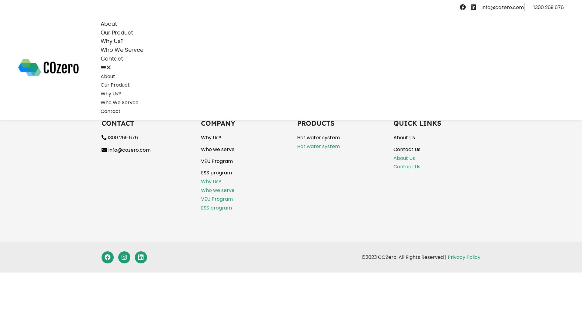  I want to click on 'VEU Program', so click(216, 199).